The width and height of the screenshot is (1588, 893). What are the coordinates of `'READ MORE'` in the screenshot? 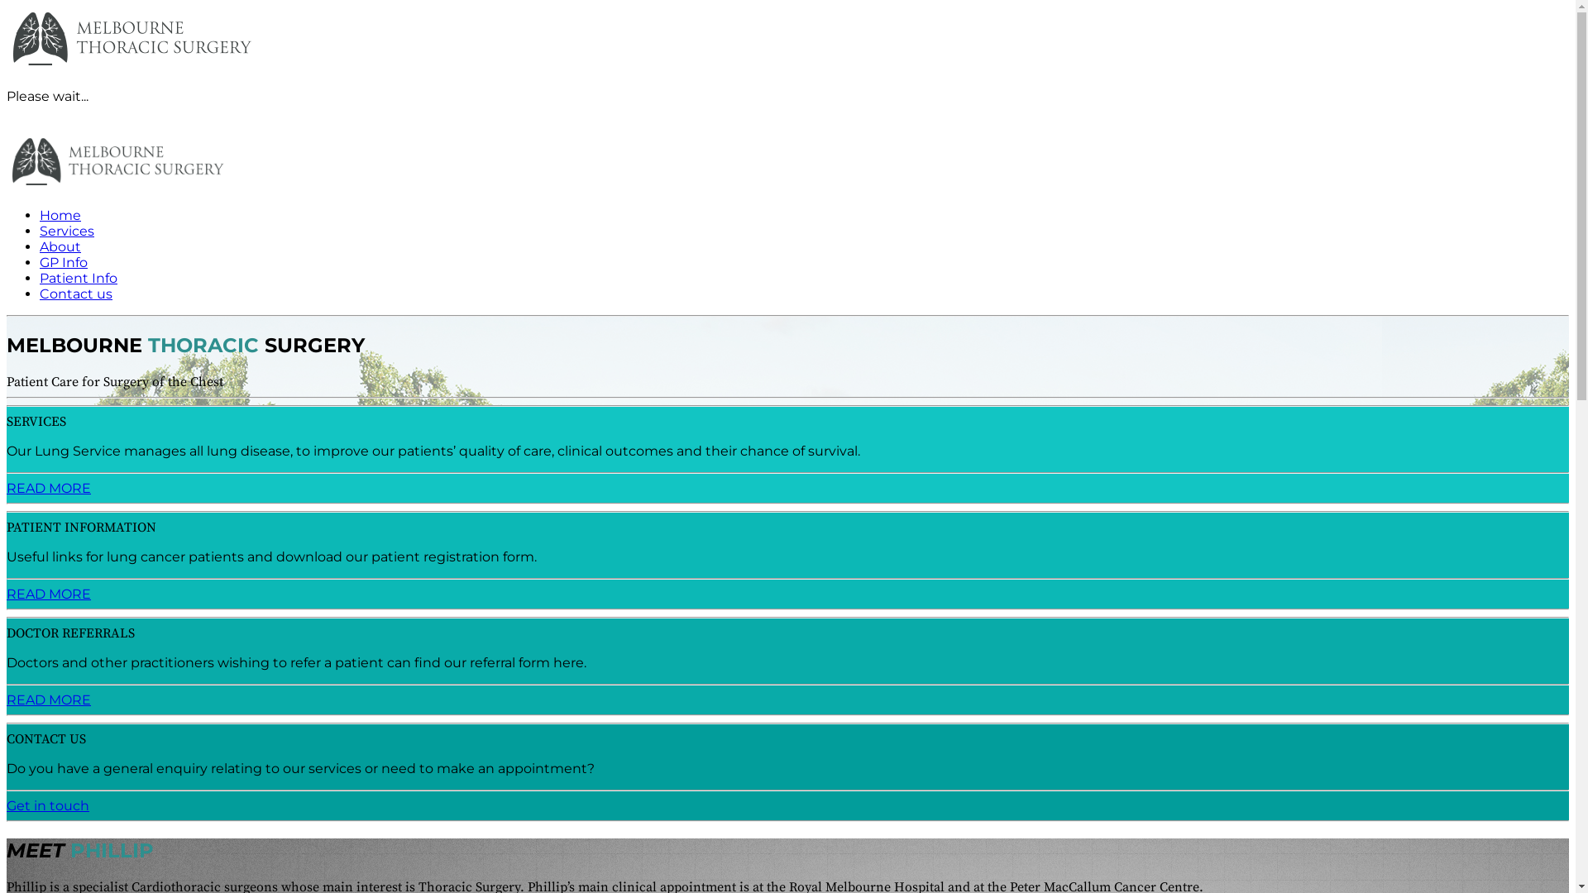 It's located at (7, 700).